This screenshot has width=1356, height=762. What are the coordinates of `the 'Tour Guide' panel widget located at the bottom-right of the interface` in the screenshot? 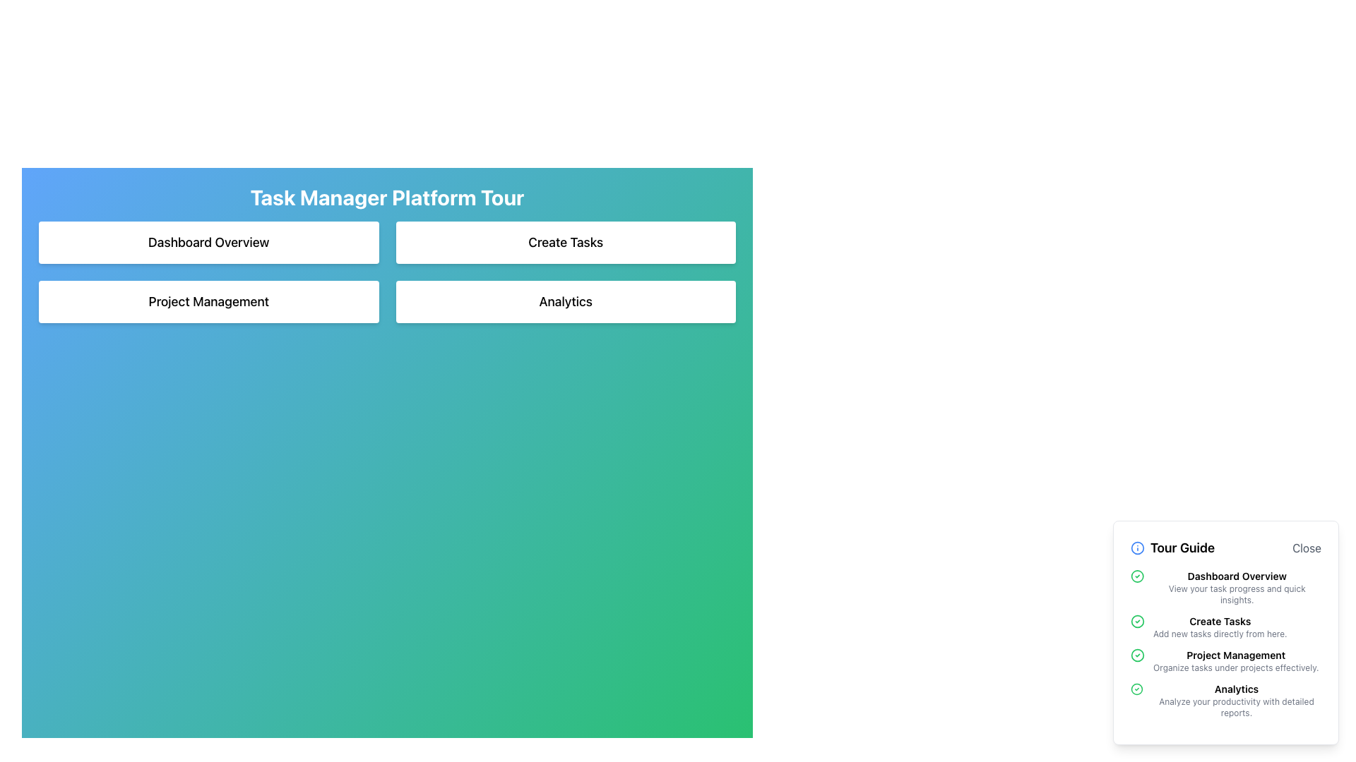 It's located at (1225, 632).